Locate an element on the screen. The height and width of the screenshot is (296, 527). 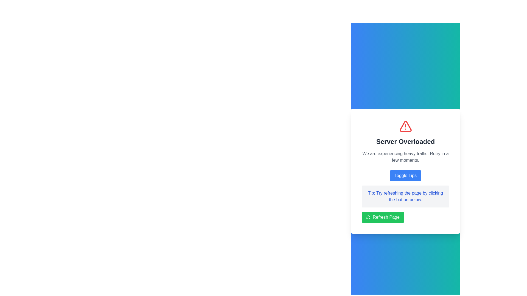
the refresh icon, which is styled with a circular arrow design and is part of the 'Refresh Page' button located at the bottom center of the card interface is located at coordinates (368, 217).